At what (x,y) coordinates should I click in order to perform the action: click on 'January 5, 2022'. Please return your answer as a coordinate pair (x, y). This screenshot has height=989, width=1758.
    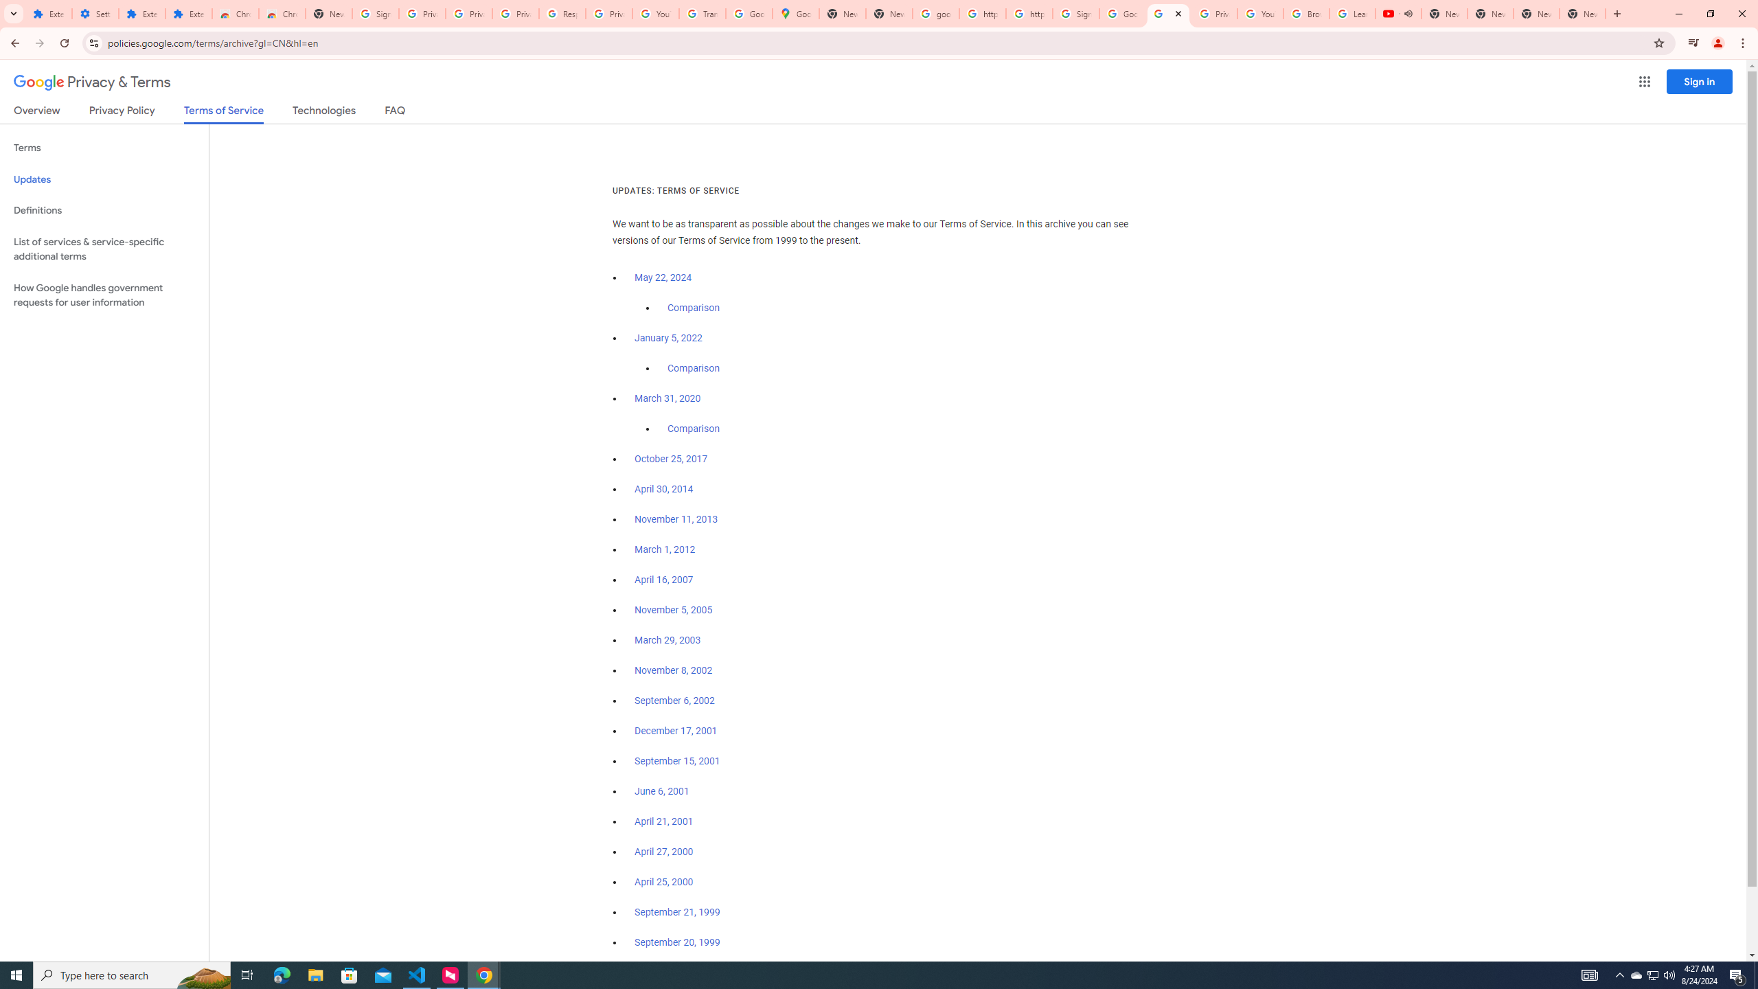
    Looking at the image, I should click on (669, 339).